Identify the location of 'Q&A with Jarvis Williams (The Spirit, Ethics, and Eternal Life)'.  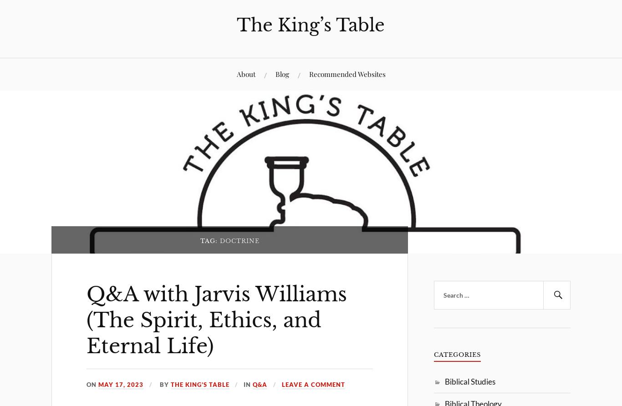
(217, 320).